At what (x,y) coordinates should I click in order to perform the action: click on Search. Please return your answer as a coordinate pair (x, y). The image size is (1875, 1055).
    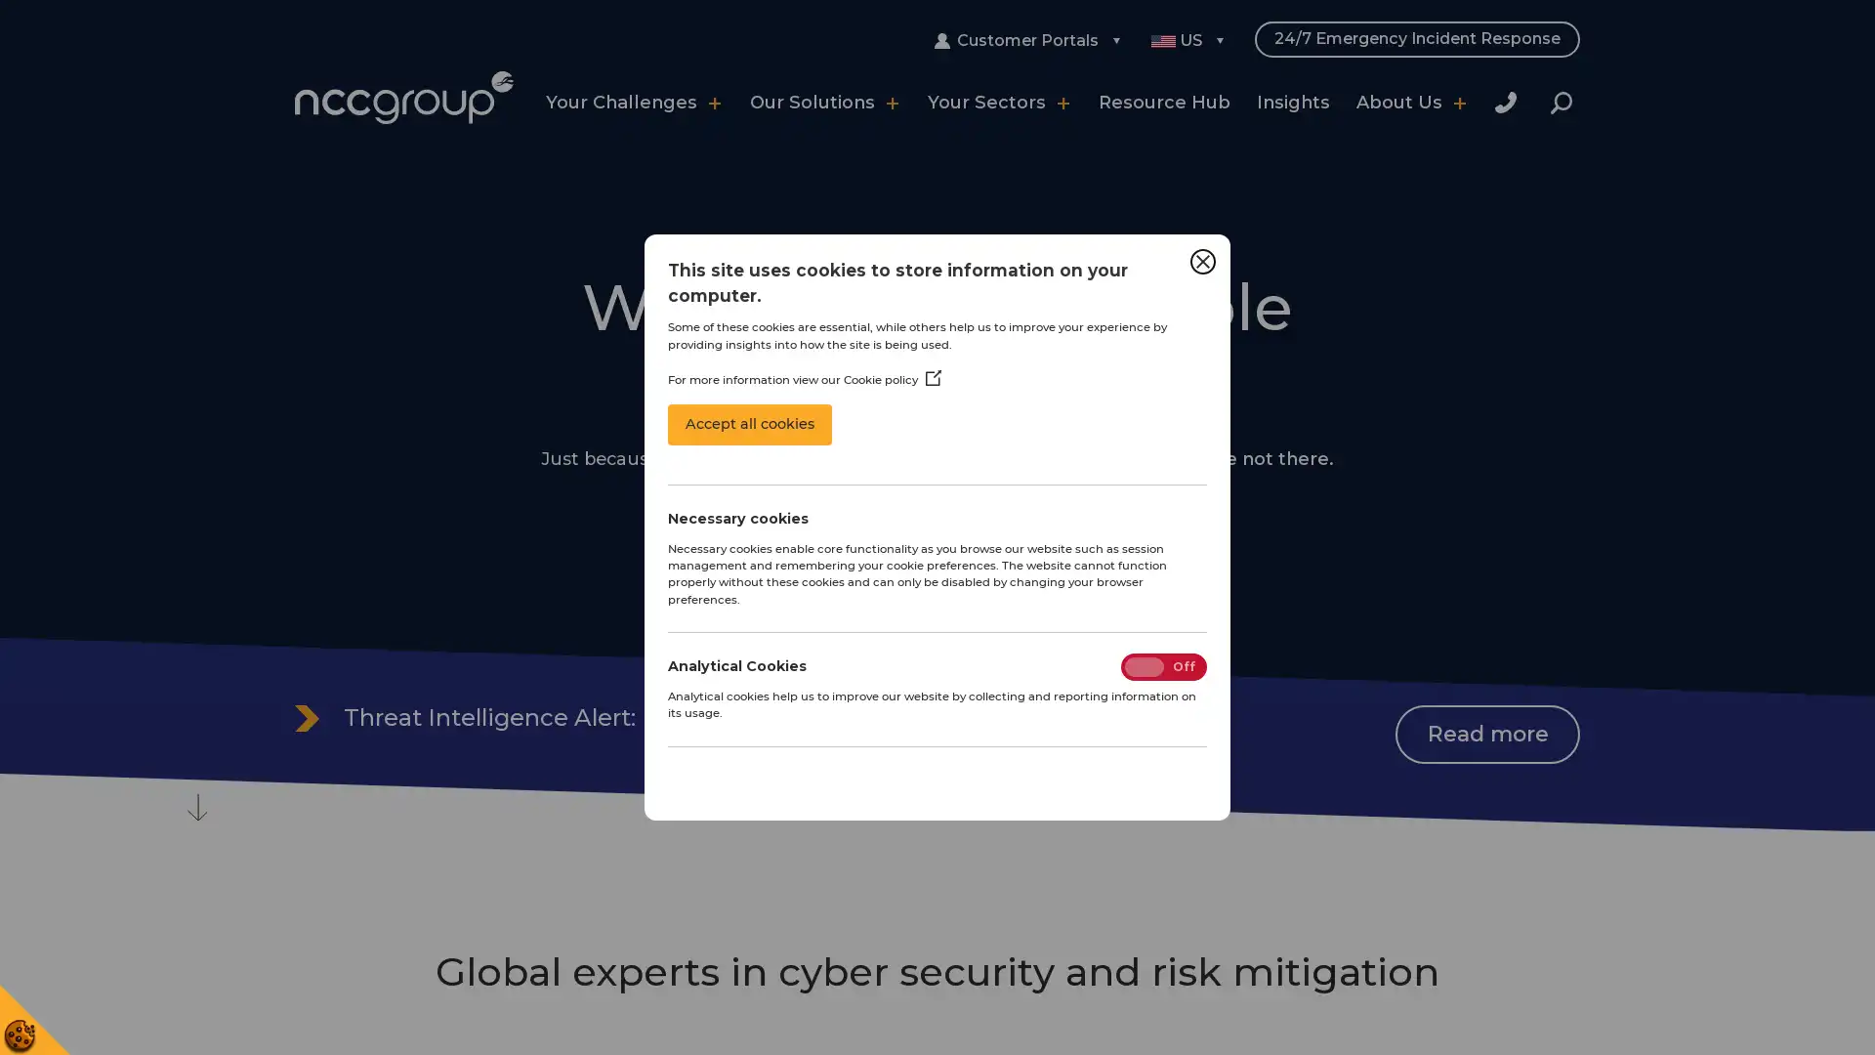
    Looking at the image, I should click on (1503, 243).